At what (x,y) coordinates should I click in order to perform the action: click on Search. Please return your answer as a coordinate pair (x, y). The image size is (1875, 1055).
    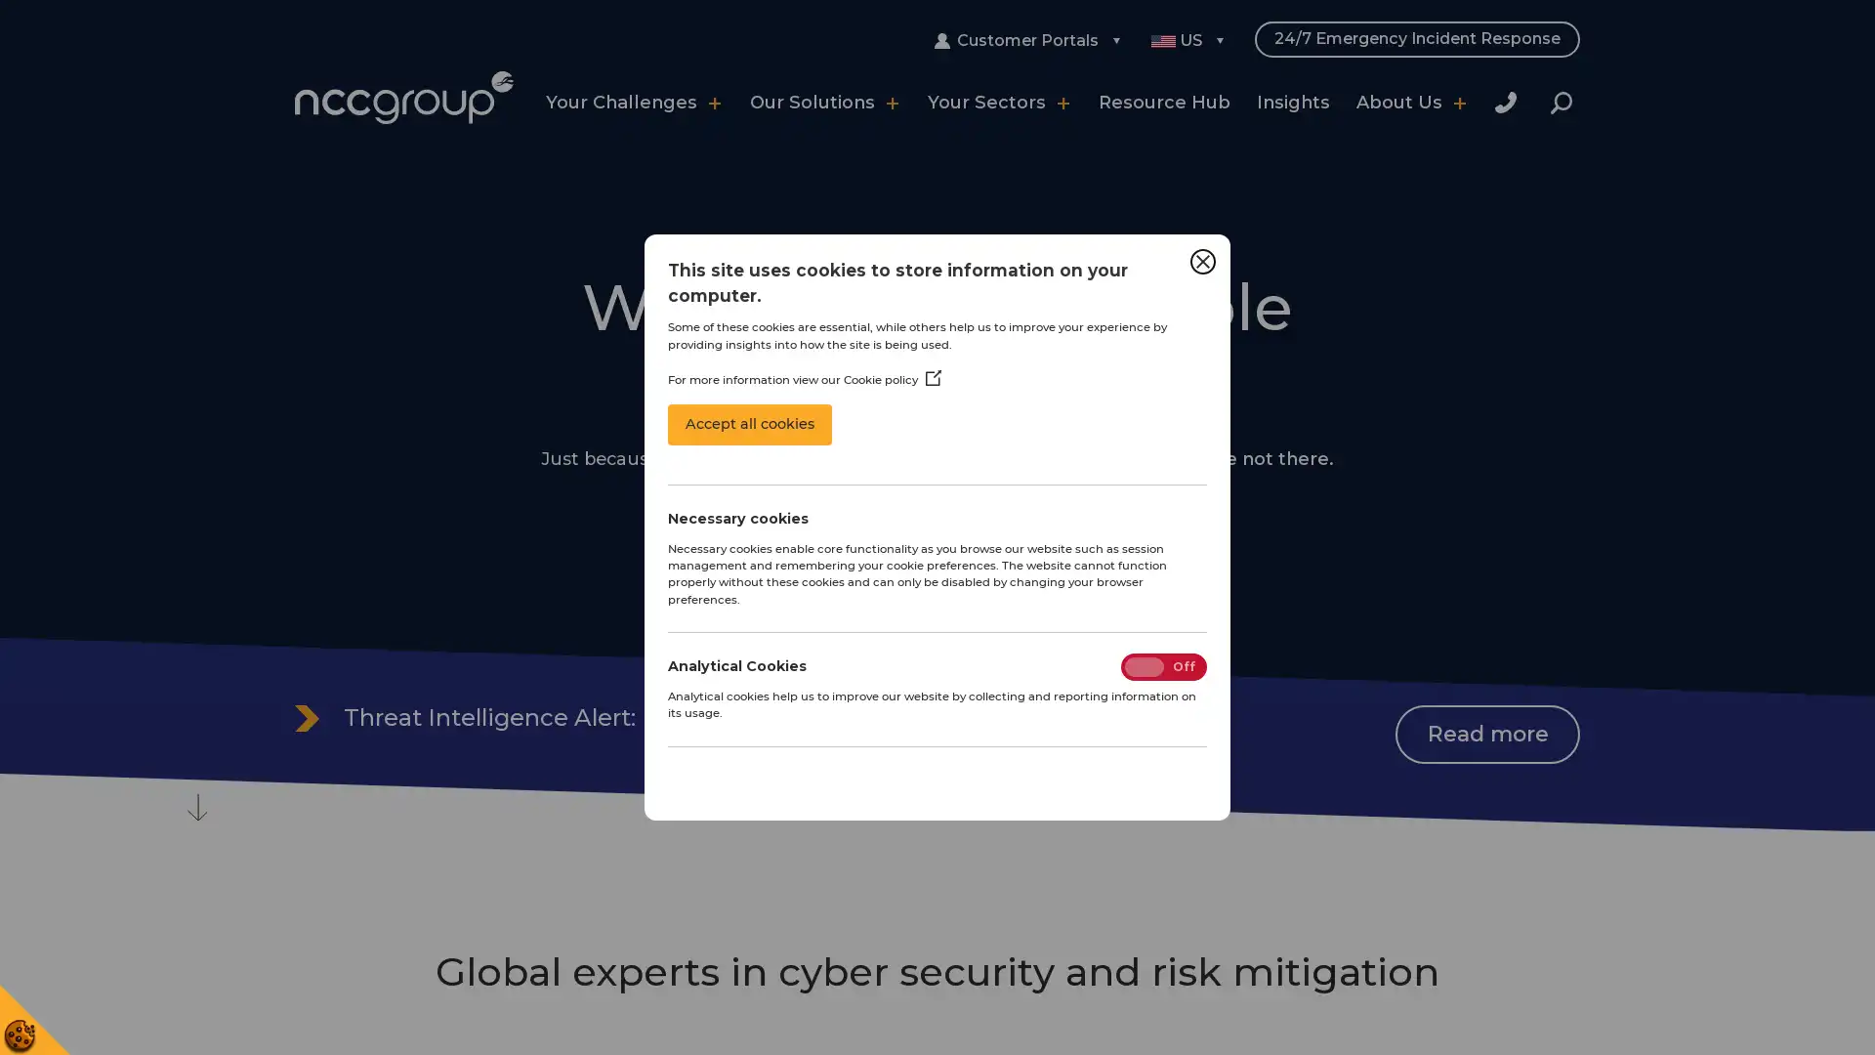
    Looking at the image, I should click on (1503, 243).